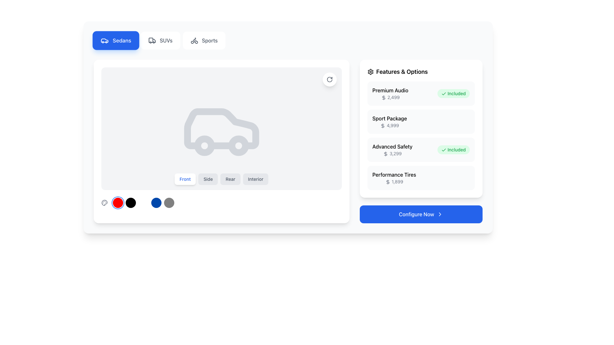 This screenshot has height=345, width=614. Describe the element at coordinates (392, 150) in the screenshot. I see `the informational text block providing details about the 'Advanced Safety' feature, which is the third item in the vertical list under 'Features & Options' and located between 'Sport Package' and 'Performance Tires'` at that location.